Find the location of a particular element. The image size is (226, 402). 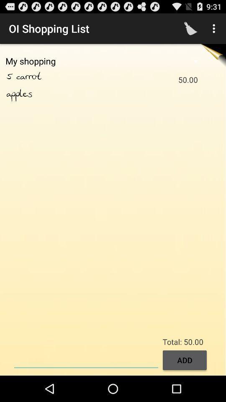

the app above the apples is located at coordinates (11, 77).